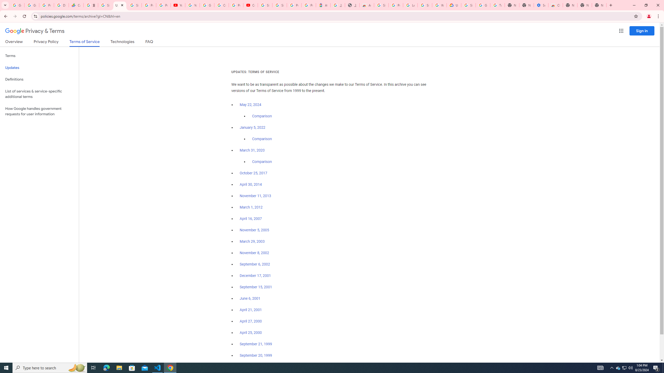 This screenshot has height=373, width=664. I want to click on 'Privacy Checkup', so click(164, 5).